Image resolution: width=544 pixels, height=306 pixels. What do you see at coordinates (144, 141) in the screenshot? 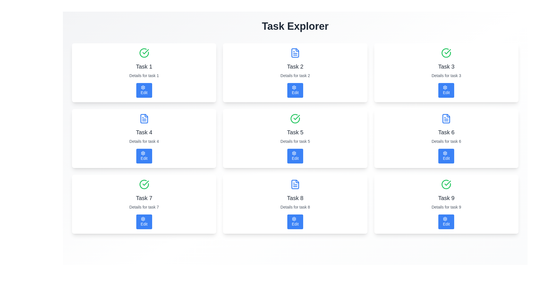
I see `text content of the label displaying 'Details for task 4', which is positioned below the 'Task 4' header and above the 'Edit' button` at bounding box center [144, 141].